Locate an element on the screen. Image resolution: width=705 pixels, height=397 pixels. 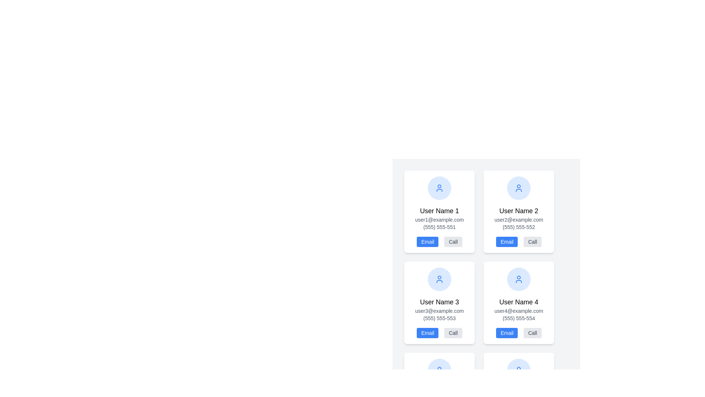
the circular icon with a light blue background and a blue outline user silhouette, located at the top center of the user card for 'User Name 1' is located at coordinates (439, 188).